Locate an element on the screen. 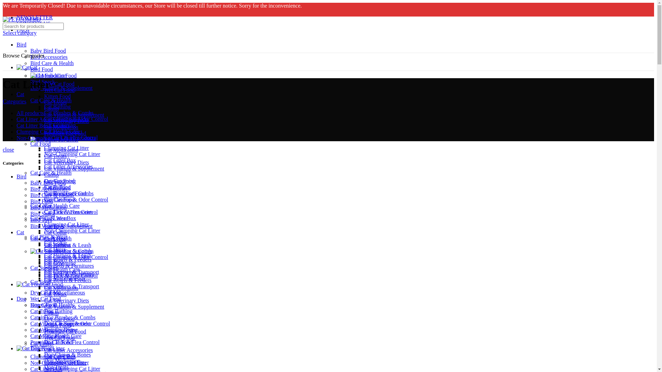 This screenshot has width=662, height=372. 'Cat Harness & Leash' is located at coordinates (68, 255).